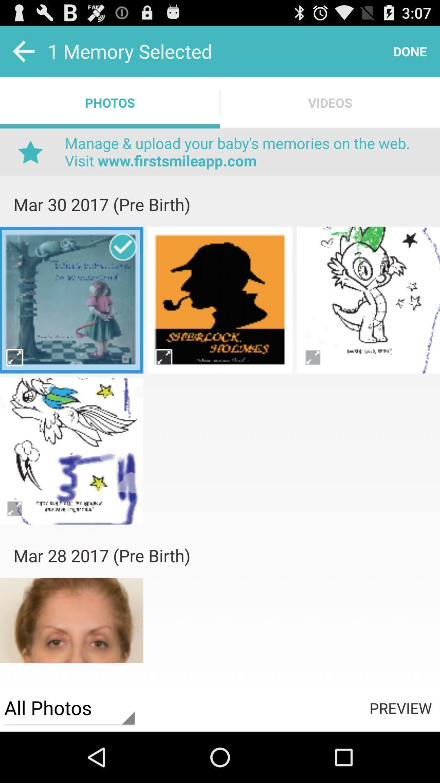 This screenshot has width=440, height=783. What do you see at coordinates (163, 357) in the screenshot?
I see `search pega` at bounding box center [163, 357].